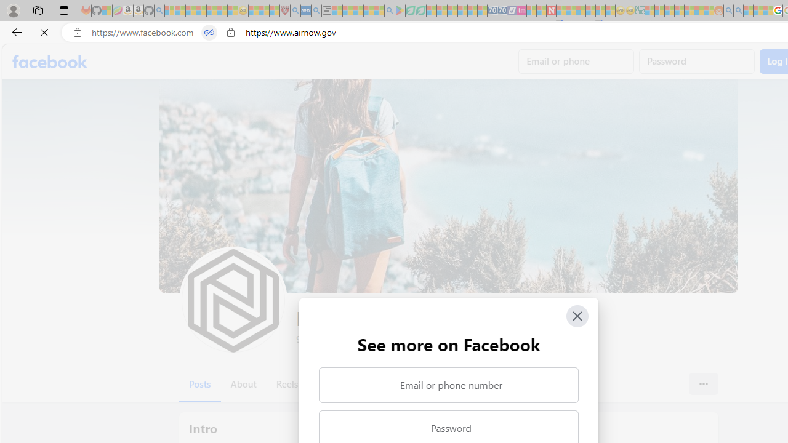 The height and width of the screenshot is (443, 788). What do you see at coordinates (649, 10) in the screenshot?
I see `'MSNBC - MSN - Sleeping'` at bounding box center [649, 10].